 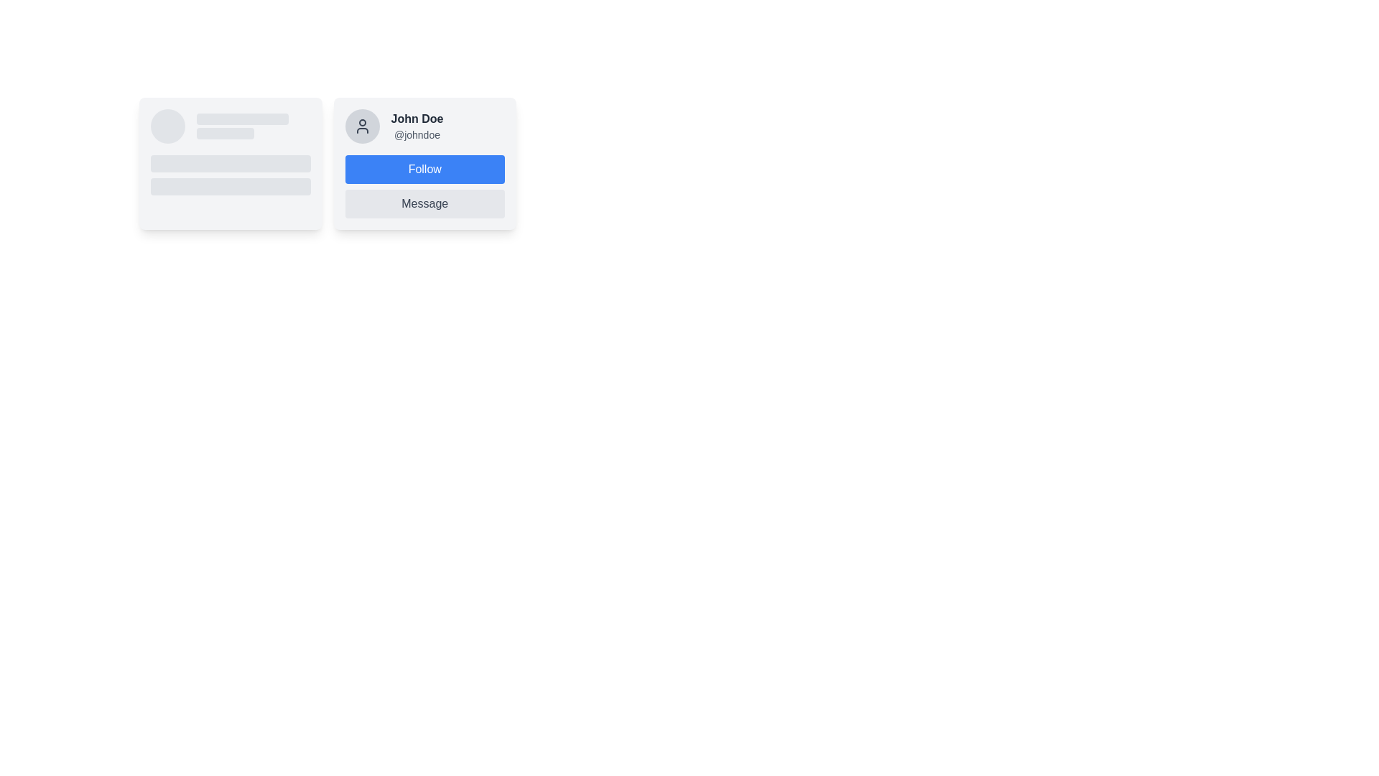 What do you see at coordinates (362, 126) in the screenshot?
I see `the user silhouette icon, which is styled with gray lines and transparent fill, located at the top left corner of a card-like component with the text 'John Doe' and '@johndoe' beneath it` at bounding box center [362, 126].